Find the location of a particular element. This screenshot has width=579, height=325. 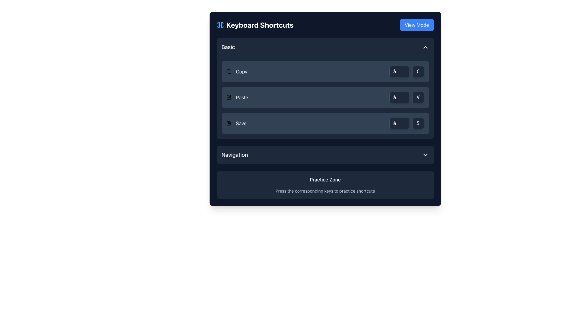

the text label that displays 'Paste' in white color against a dark blue background, which is the second item in the 'Basic' section of the 'Keyboard Shortcuts' interface is located at coordinates (242, 97).